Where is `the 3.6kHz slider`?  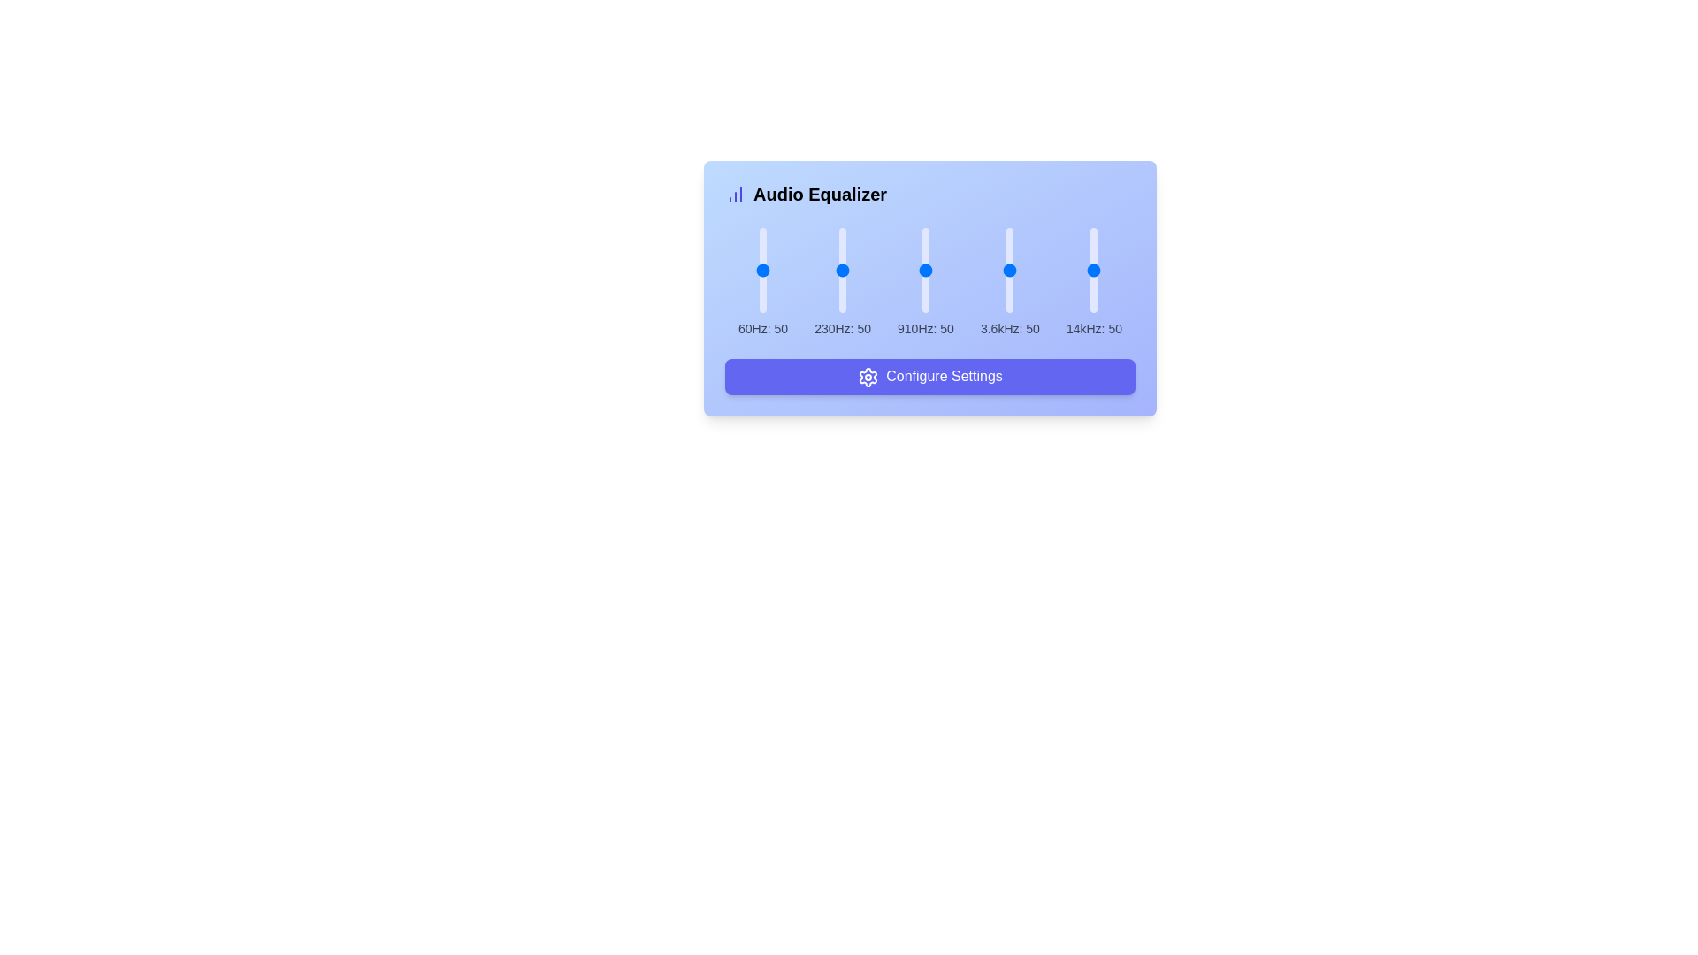
the 3.6kHz slider is located at coordinates (1010, 279).